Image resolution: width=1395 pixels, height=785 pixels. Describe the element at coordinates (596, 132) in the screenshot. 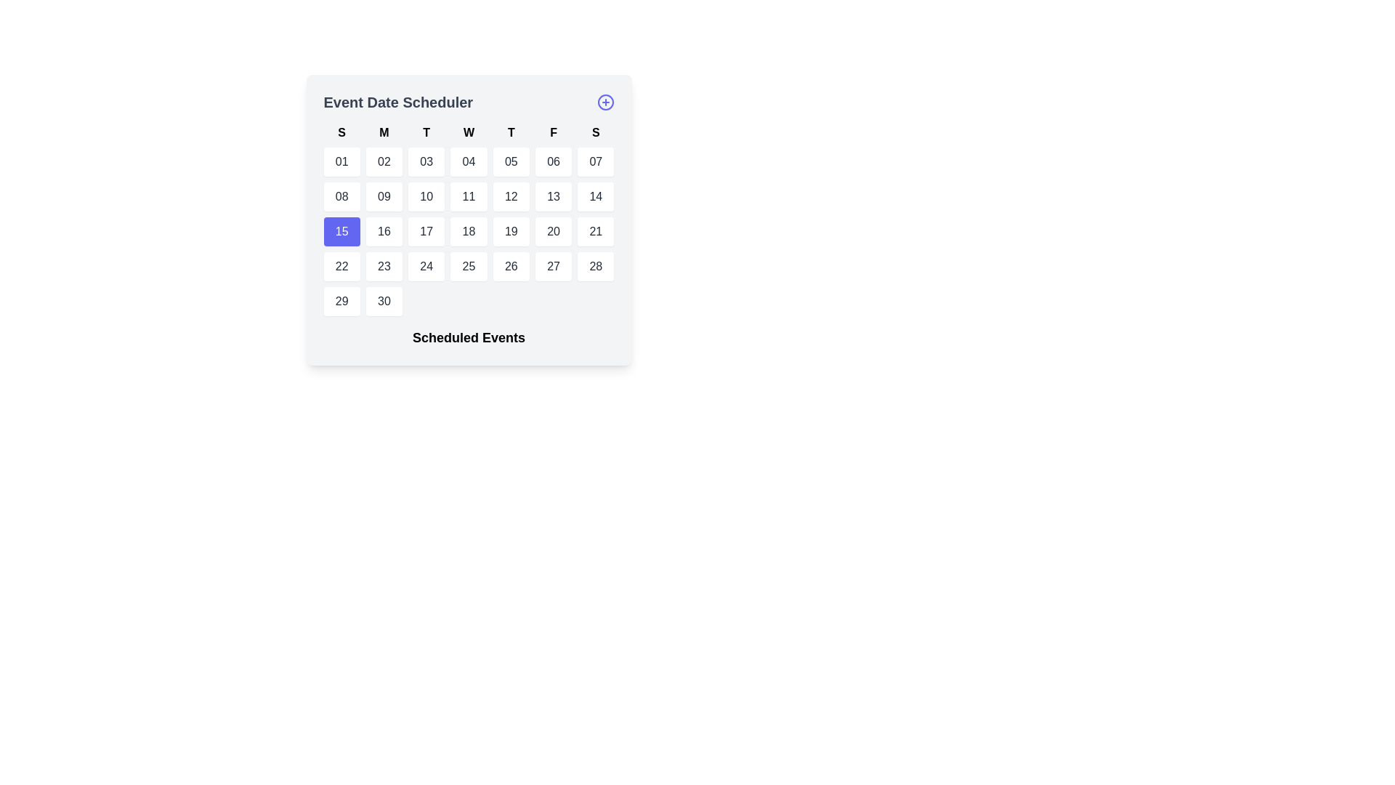

I see `the character 'S' in the Event Date Scheduler, which is the seventh item in a row of characters styled in black` at that location.